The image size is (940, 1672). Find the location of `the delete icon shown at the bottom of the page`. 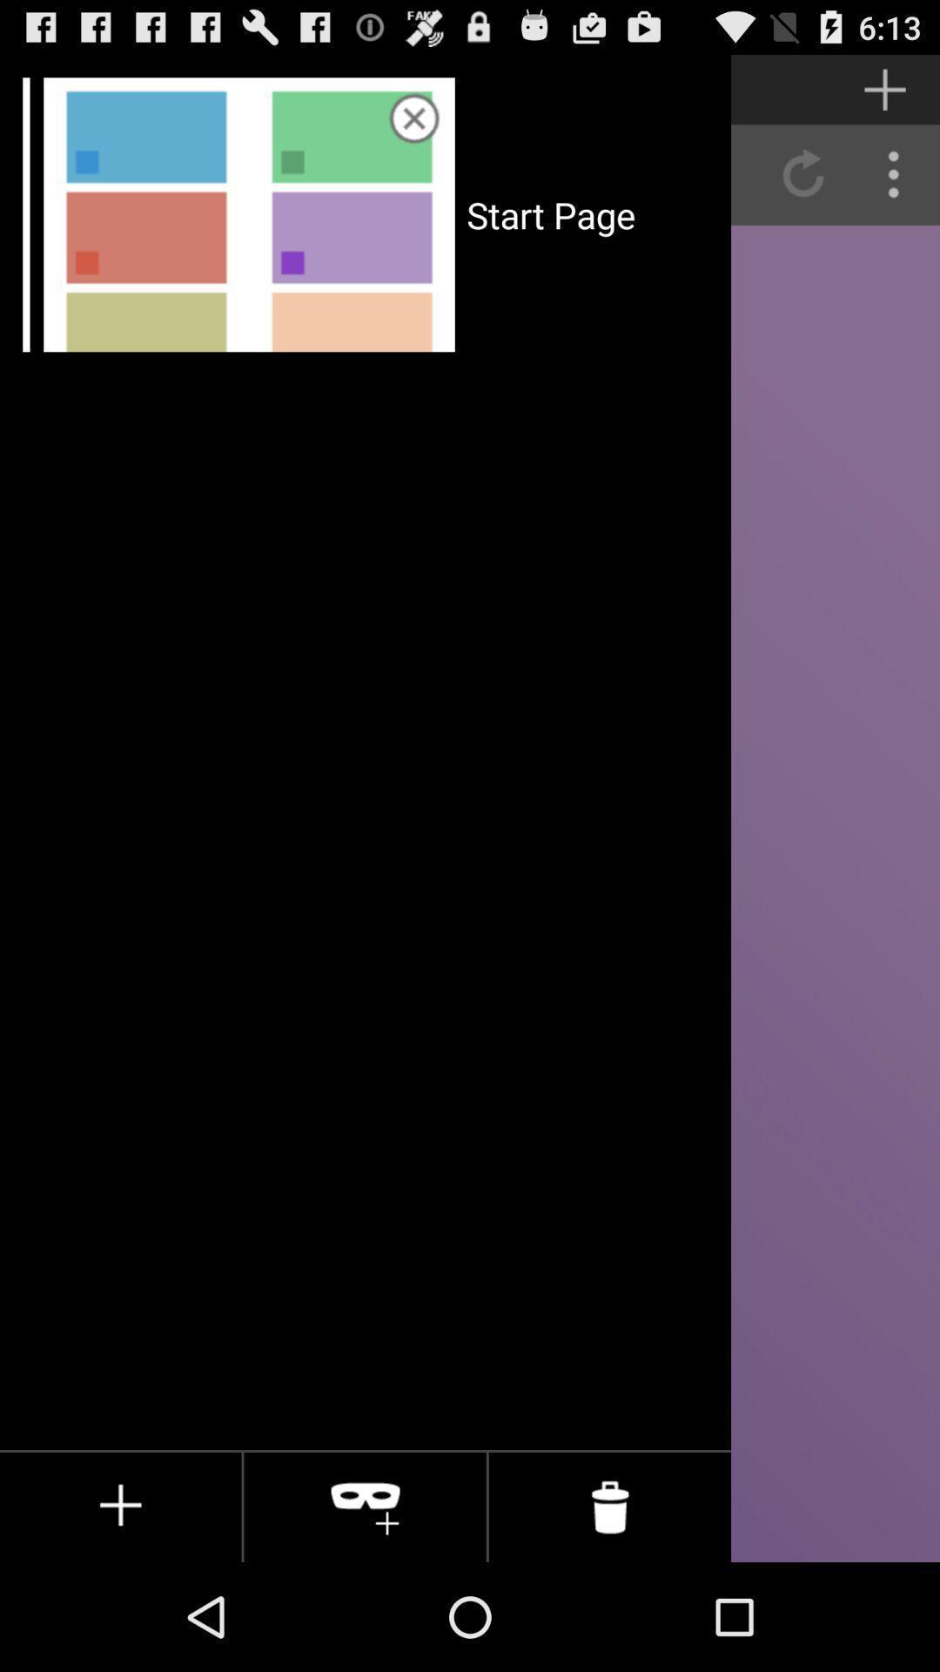

the delete icon shown at the bottom of the page is located at coordinates (609, 1507).